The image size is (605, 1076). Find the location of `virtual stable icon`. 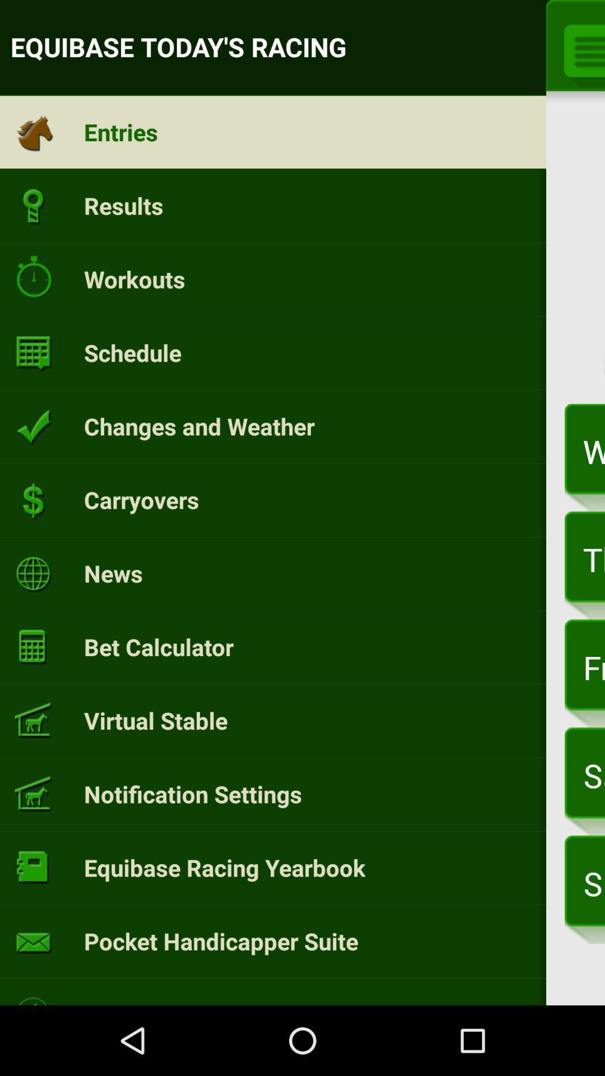

virtual stable icon is located at coordinates (156, 720).